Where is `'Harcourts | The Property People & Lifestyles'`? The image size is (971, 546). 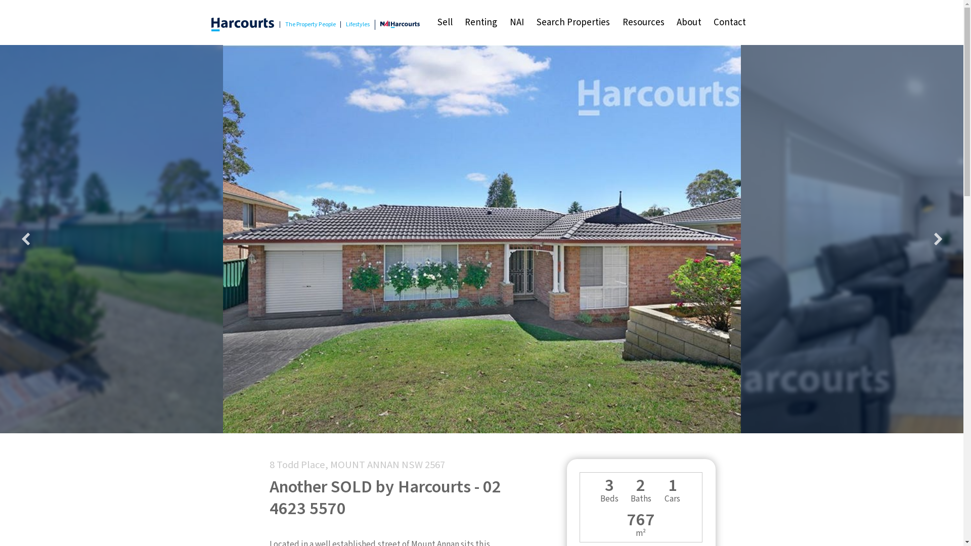 'Harcourts | The Property People & Lifestyles' is located at coordinates (243, 24).